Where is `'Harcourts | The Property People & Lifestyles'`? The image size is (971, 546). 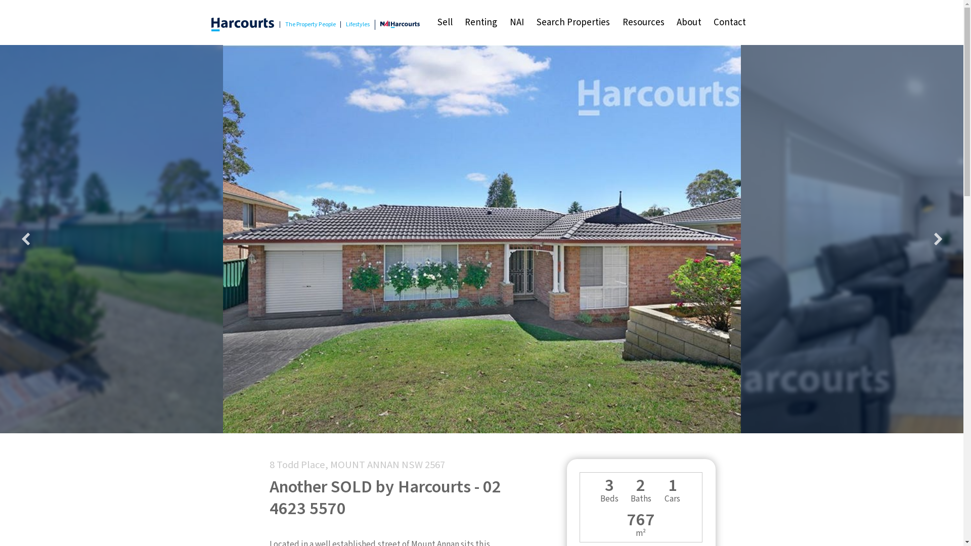 'Harcourts | The Property People & Lifestyles' is located at coordinates (243, 24).